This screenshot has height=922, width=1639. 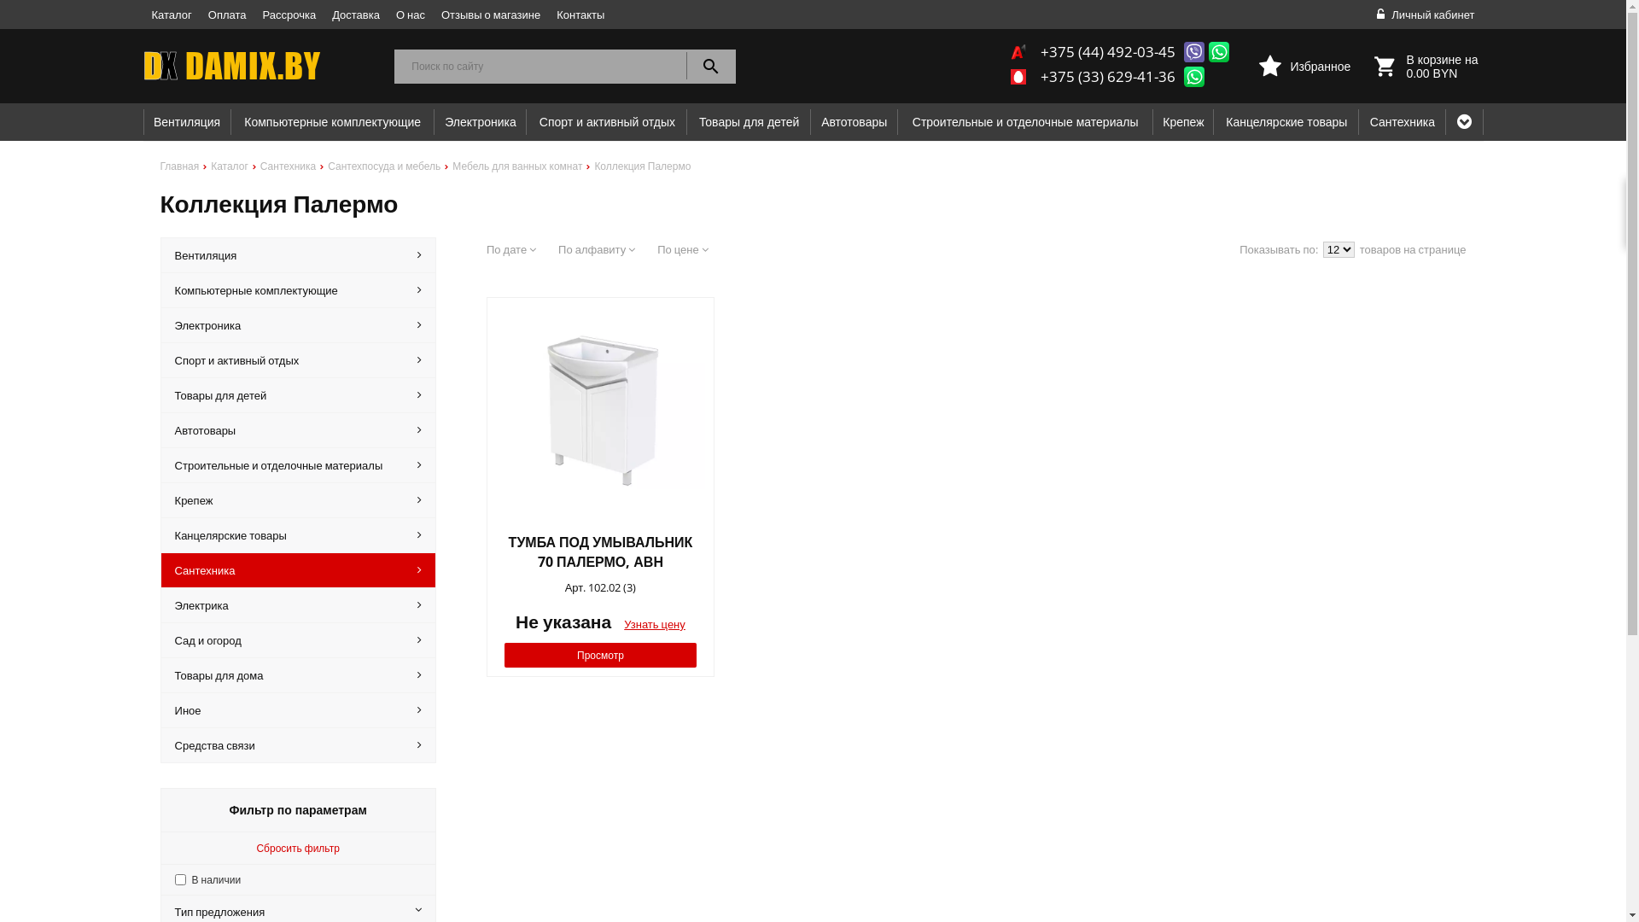 What do you see at coordinates (1107, 75) in the screenshot?
I see `'+375 (33) 629-41-36'` at bounding box center [1107, 75].